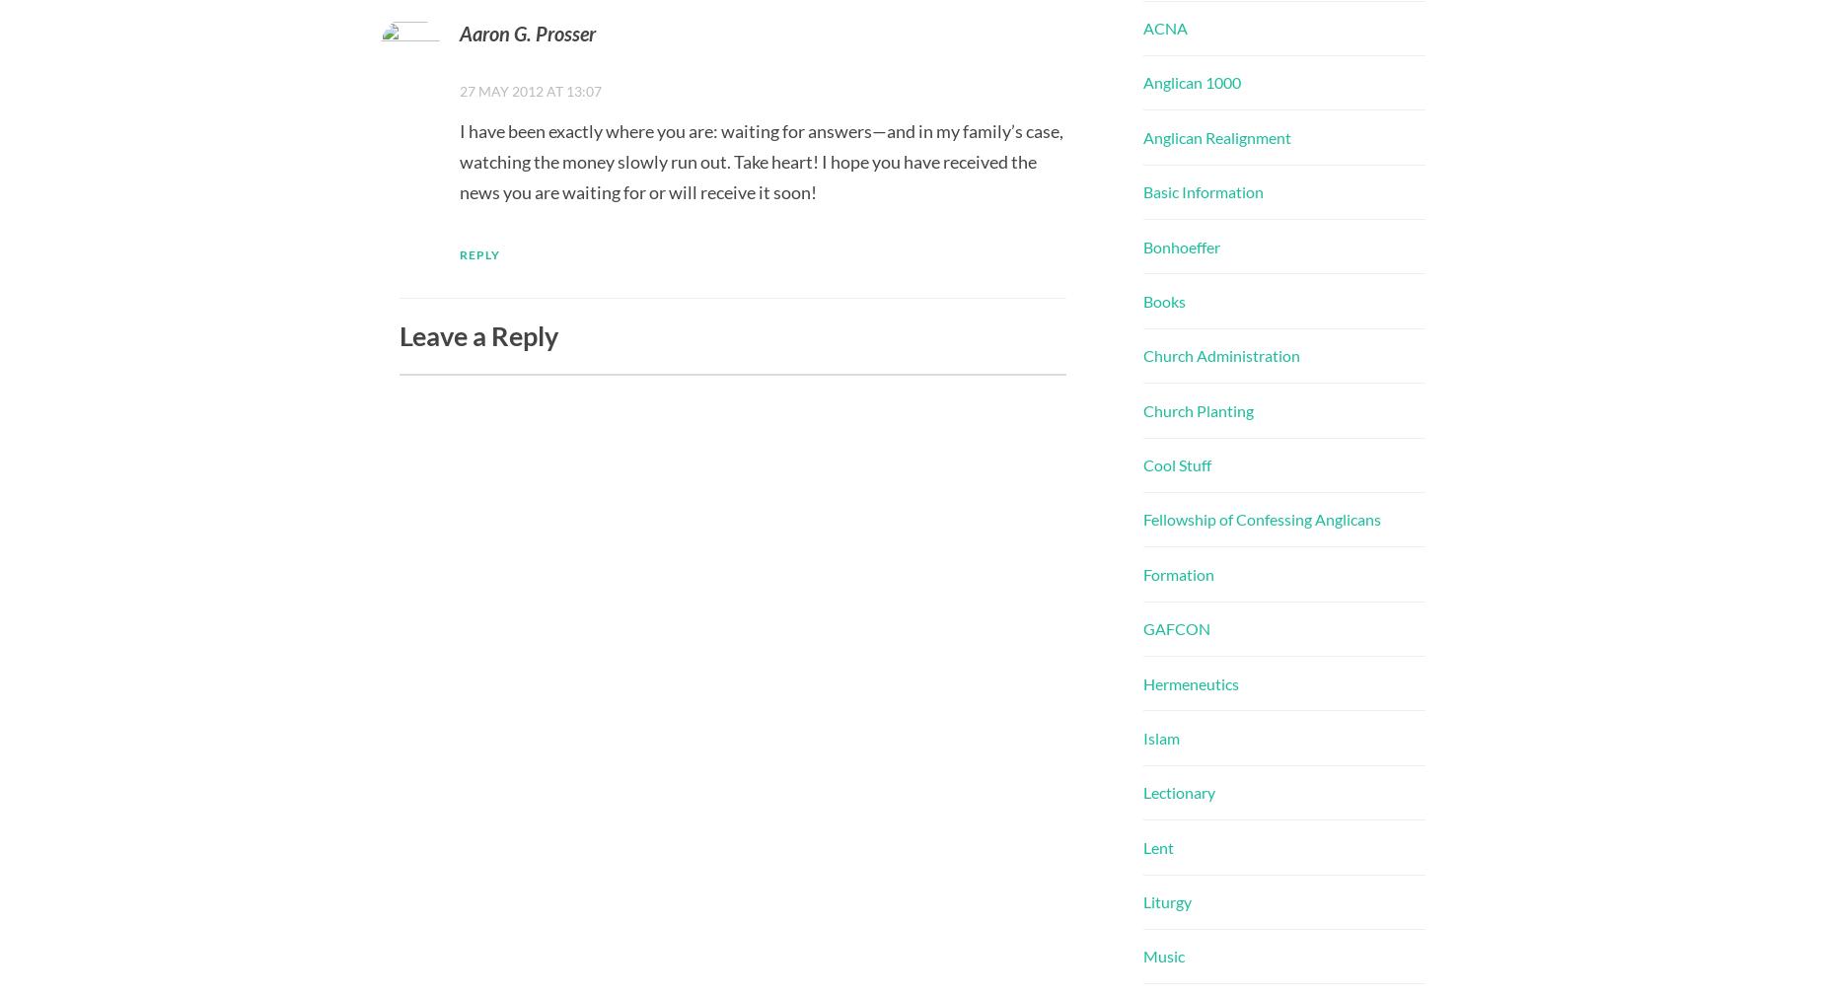 This screenshot has height=996, width=1825. I want to click on 'Reply', so click(479, 253).